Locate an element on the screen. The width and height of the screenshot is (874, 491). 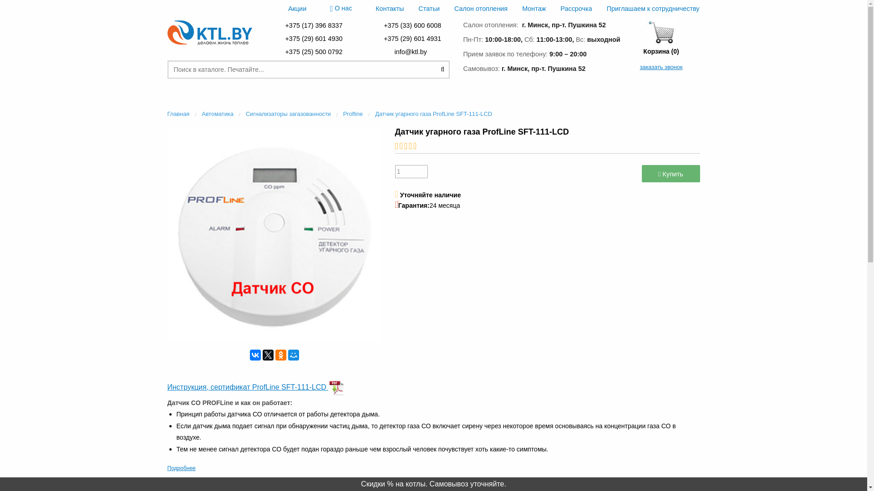
'Not rated yet!' is located at coordinates (401, 145).